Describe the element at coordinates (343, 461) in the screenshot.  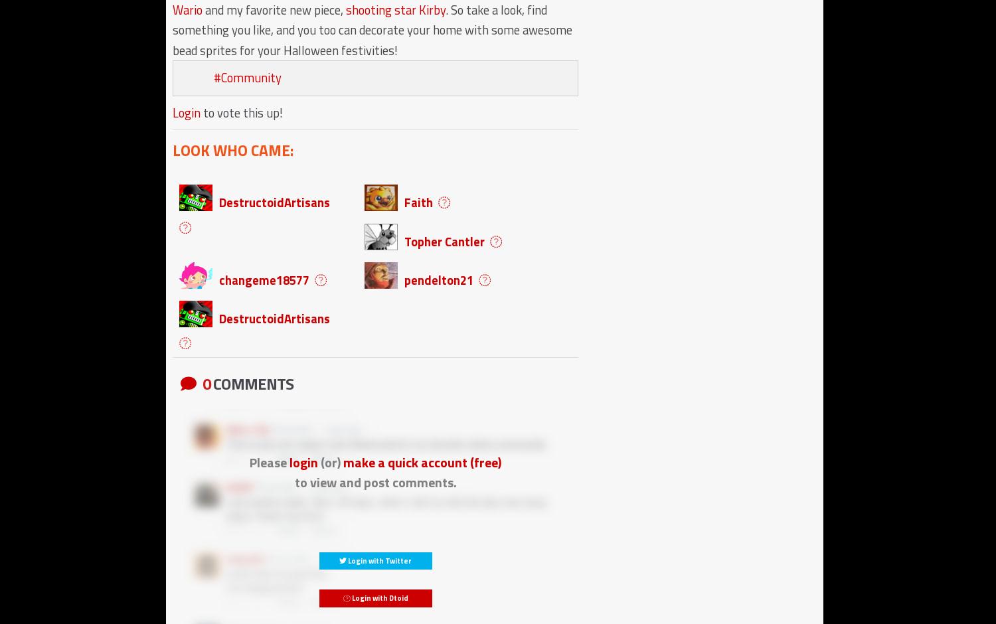
I see `'make a quick account (free)'` at that location.